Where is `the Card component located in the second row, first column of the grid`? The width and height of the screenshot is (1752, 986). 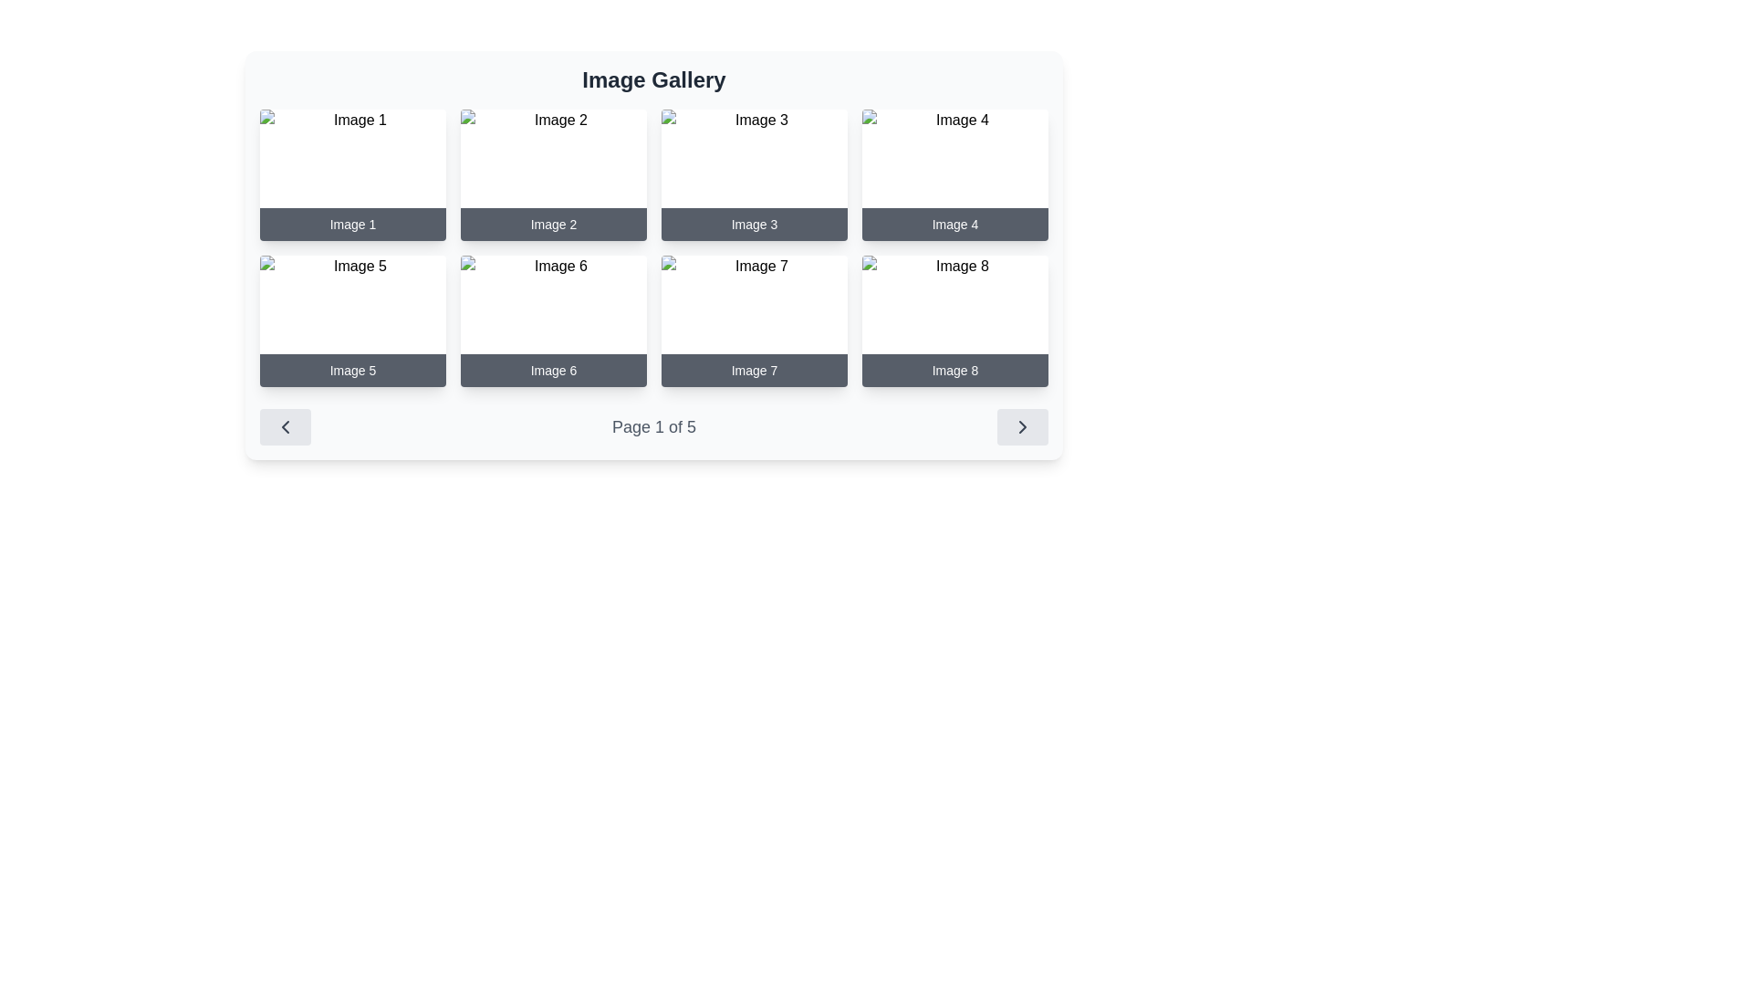 the Card component located in the second row, first column of the grid is located at coordinates (353, 320).